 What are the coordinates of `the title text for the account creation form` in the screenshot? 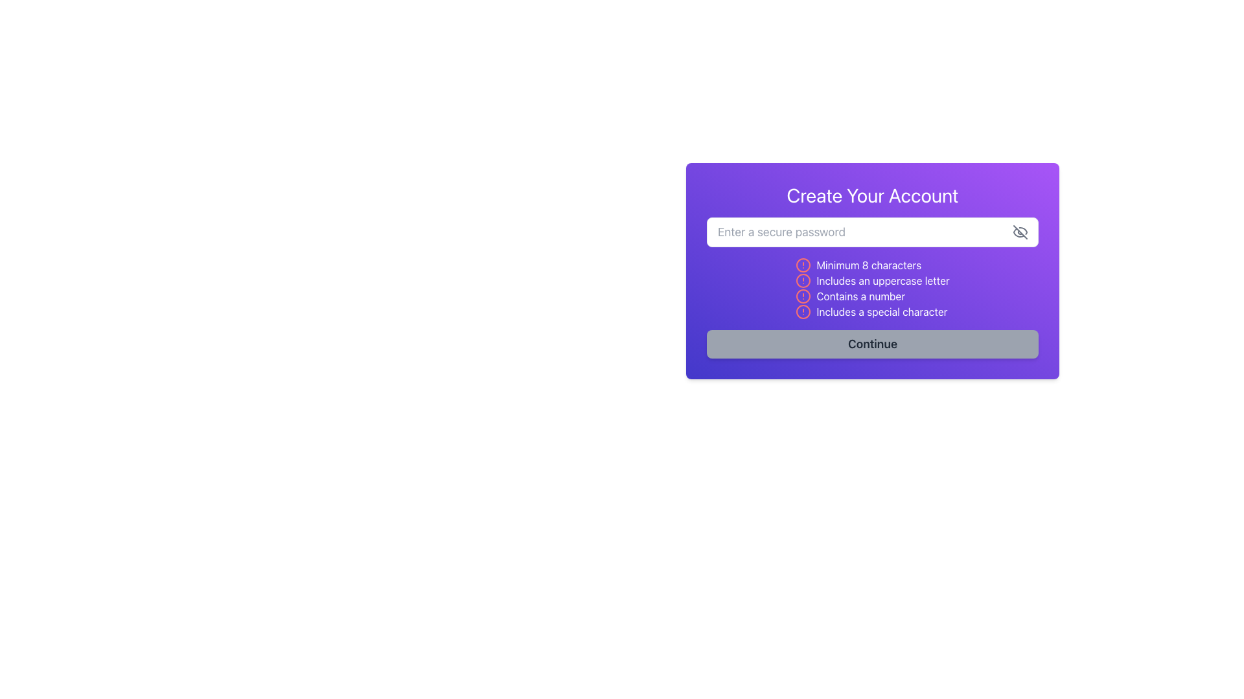 It's located at (873, 195).